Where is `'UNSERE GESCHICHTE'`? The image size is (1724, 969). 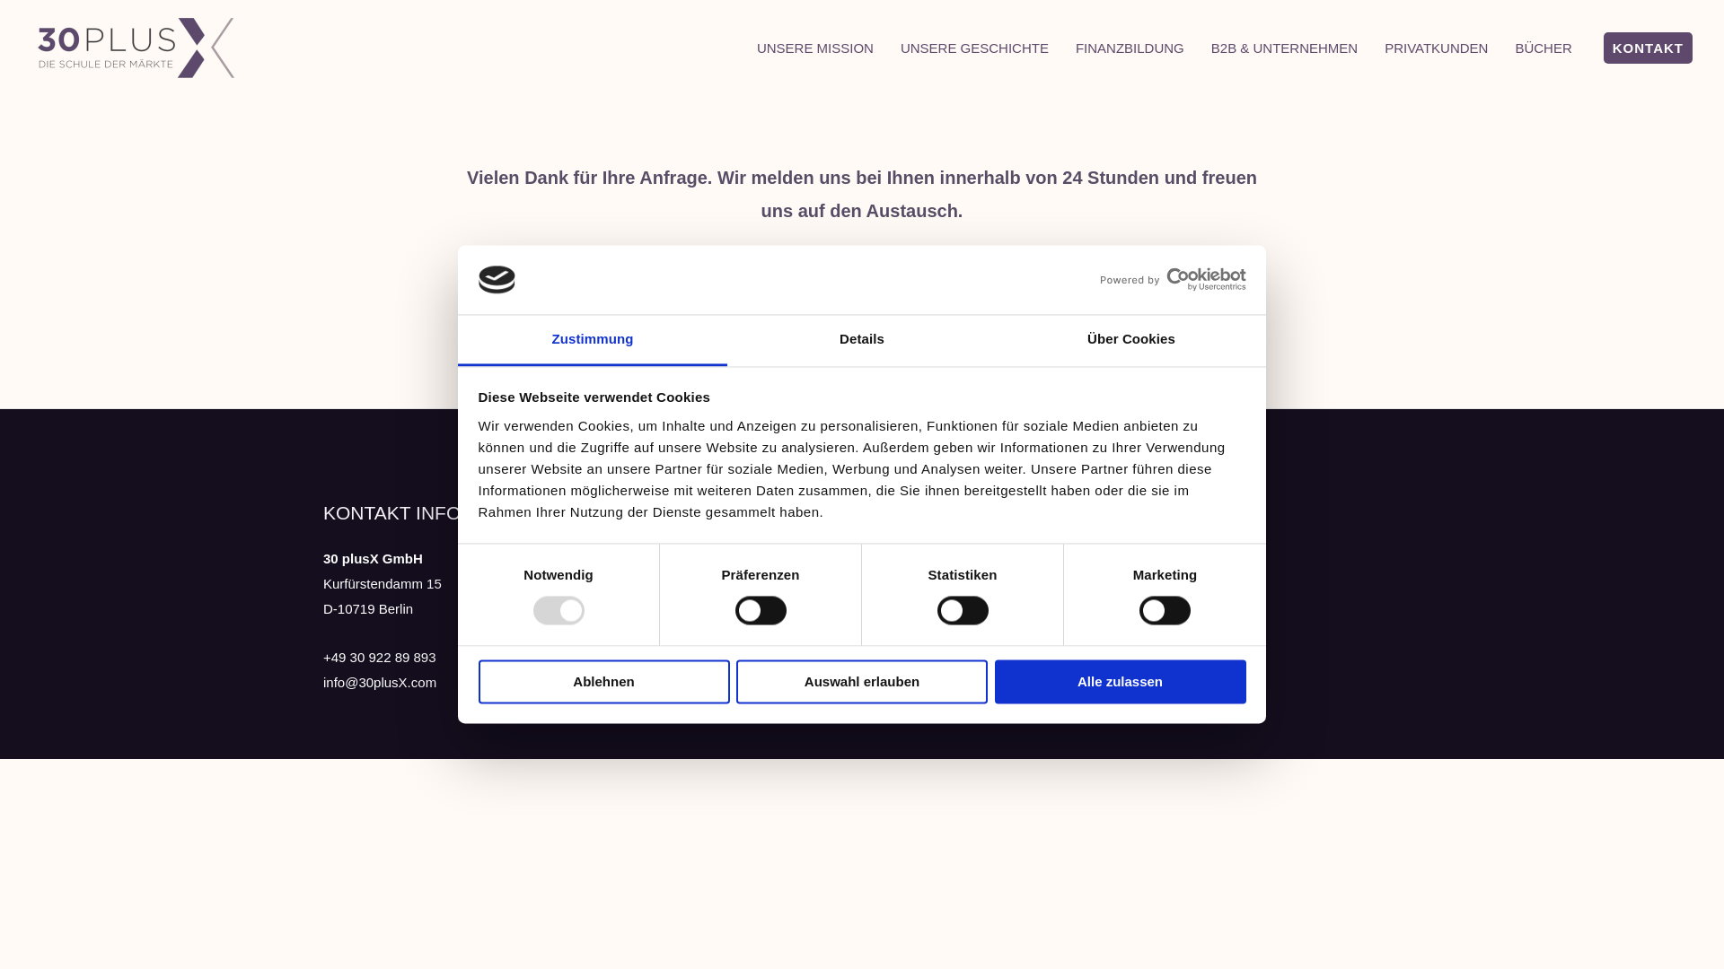
'UNSERE GESCHICHTE' is located at coordinates (887, 47).